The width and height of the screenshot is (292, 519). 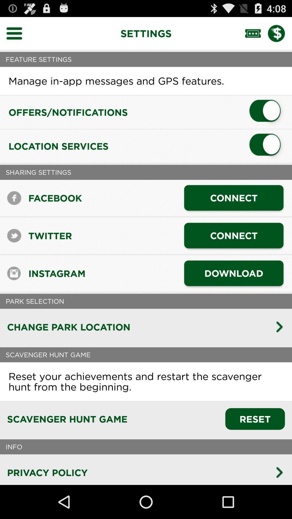 I want to click on use ticket, so click(x=256, y=33).